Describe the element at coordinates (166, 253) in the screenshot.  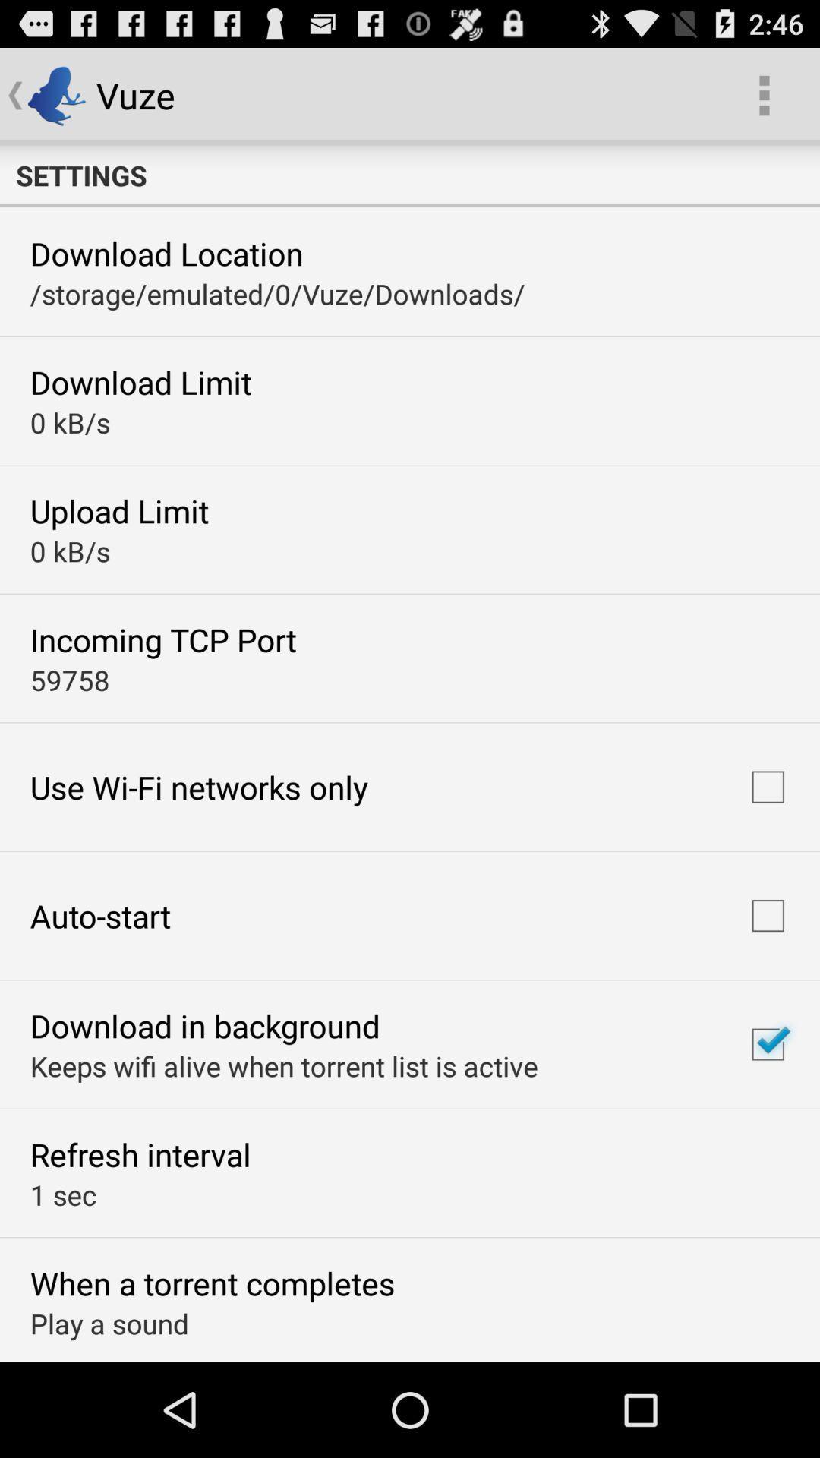
I see `the download location` at that location.